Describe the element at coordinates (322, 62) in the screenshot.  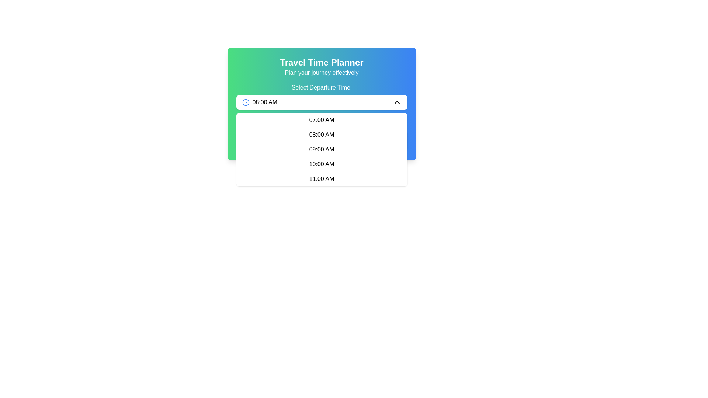
I see `the primary title text that indicates the main purpose of the interface for planning travel times` at that location.